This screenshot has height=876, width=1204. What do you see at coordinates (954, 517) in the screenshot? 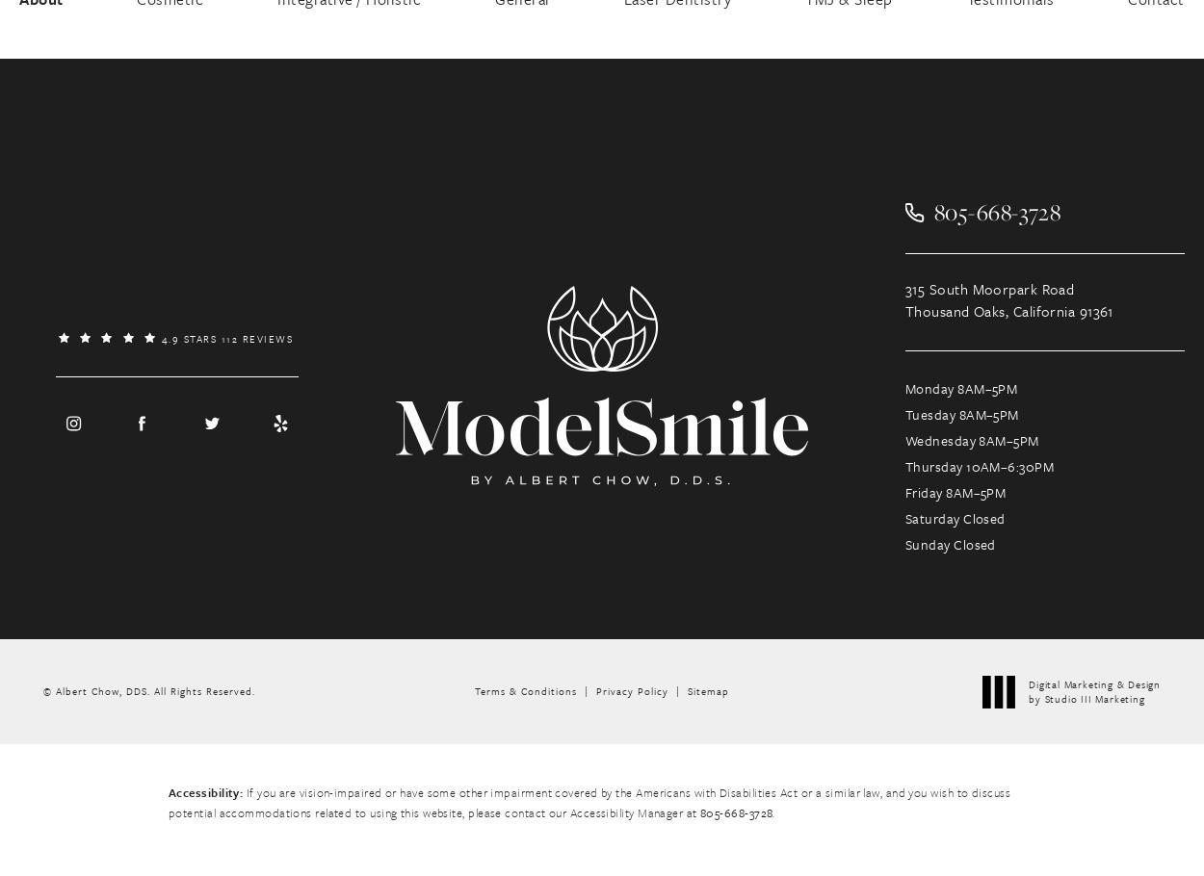
I see `'Saturday Closed'` at bounding box center [954, 517].